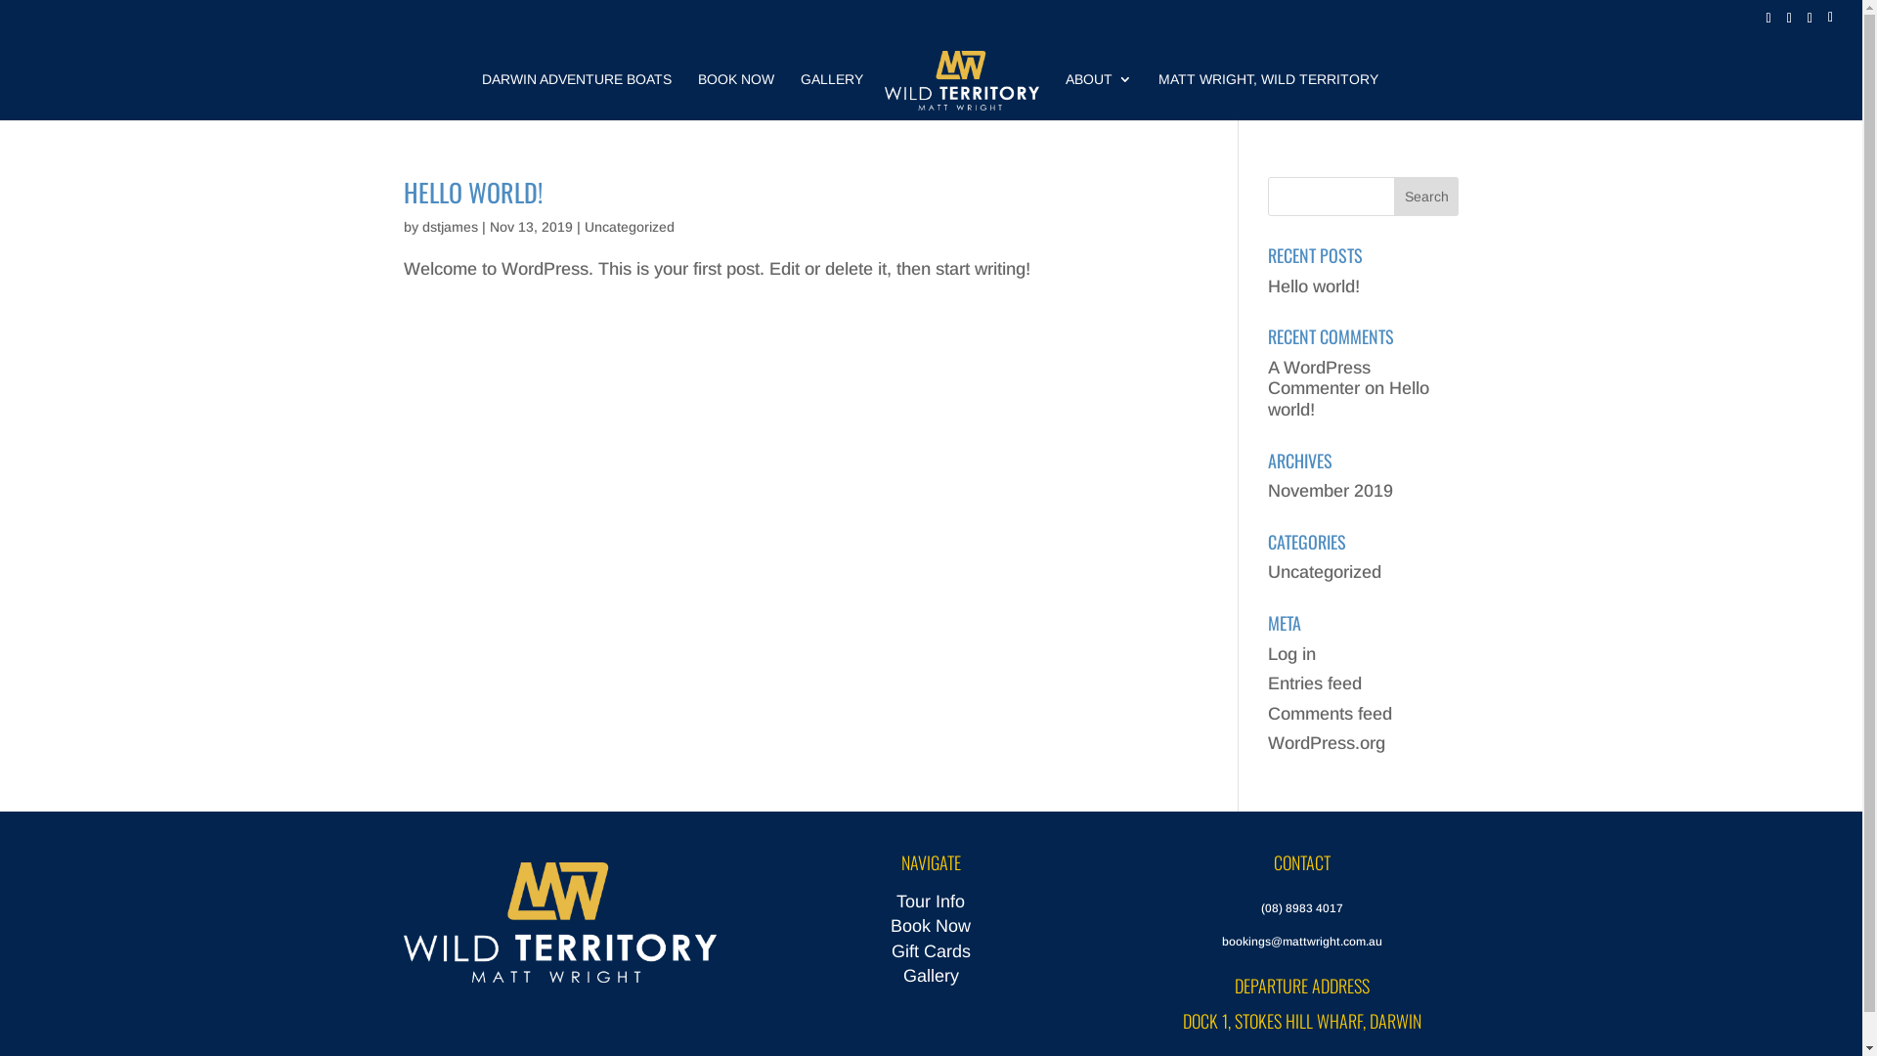 This screenshot has width=1877, height=1056. I want to click on 'GALLERY', so click(801, 96).